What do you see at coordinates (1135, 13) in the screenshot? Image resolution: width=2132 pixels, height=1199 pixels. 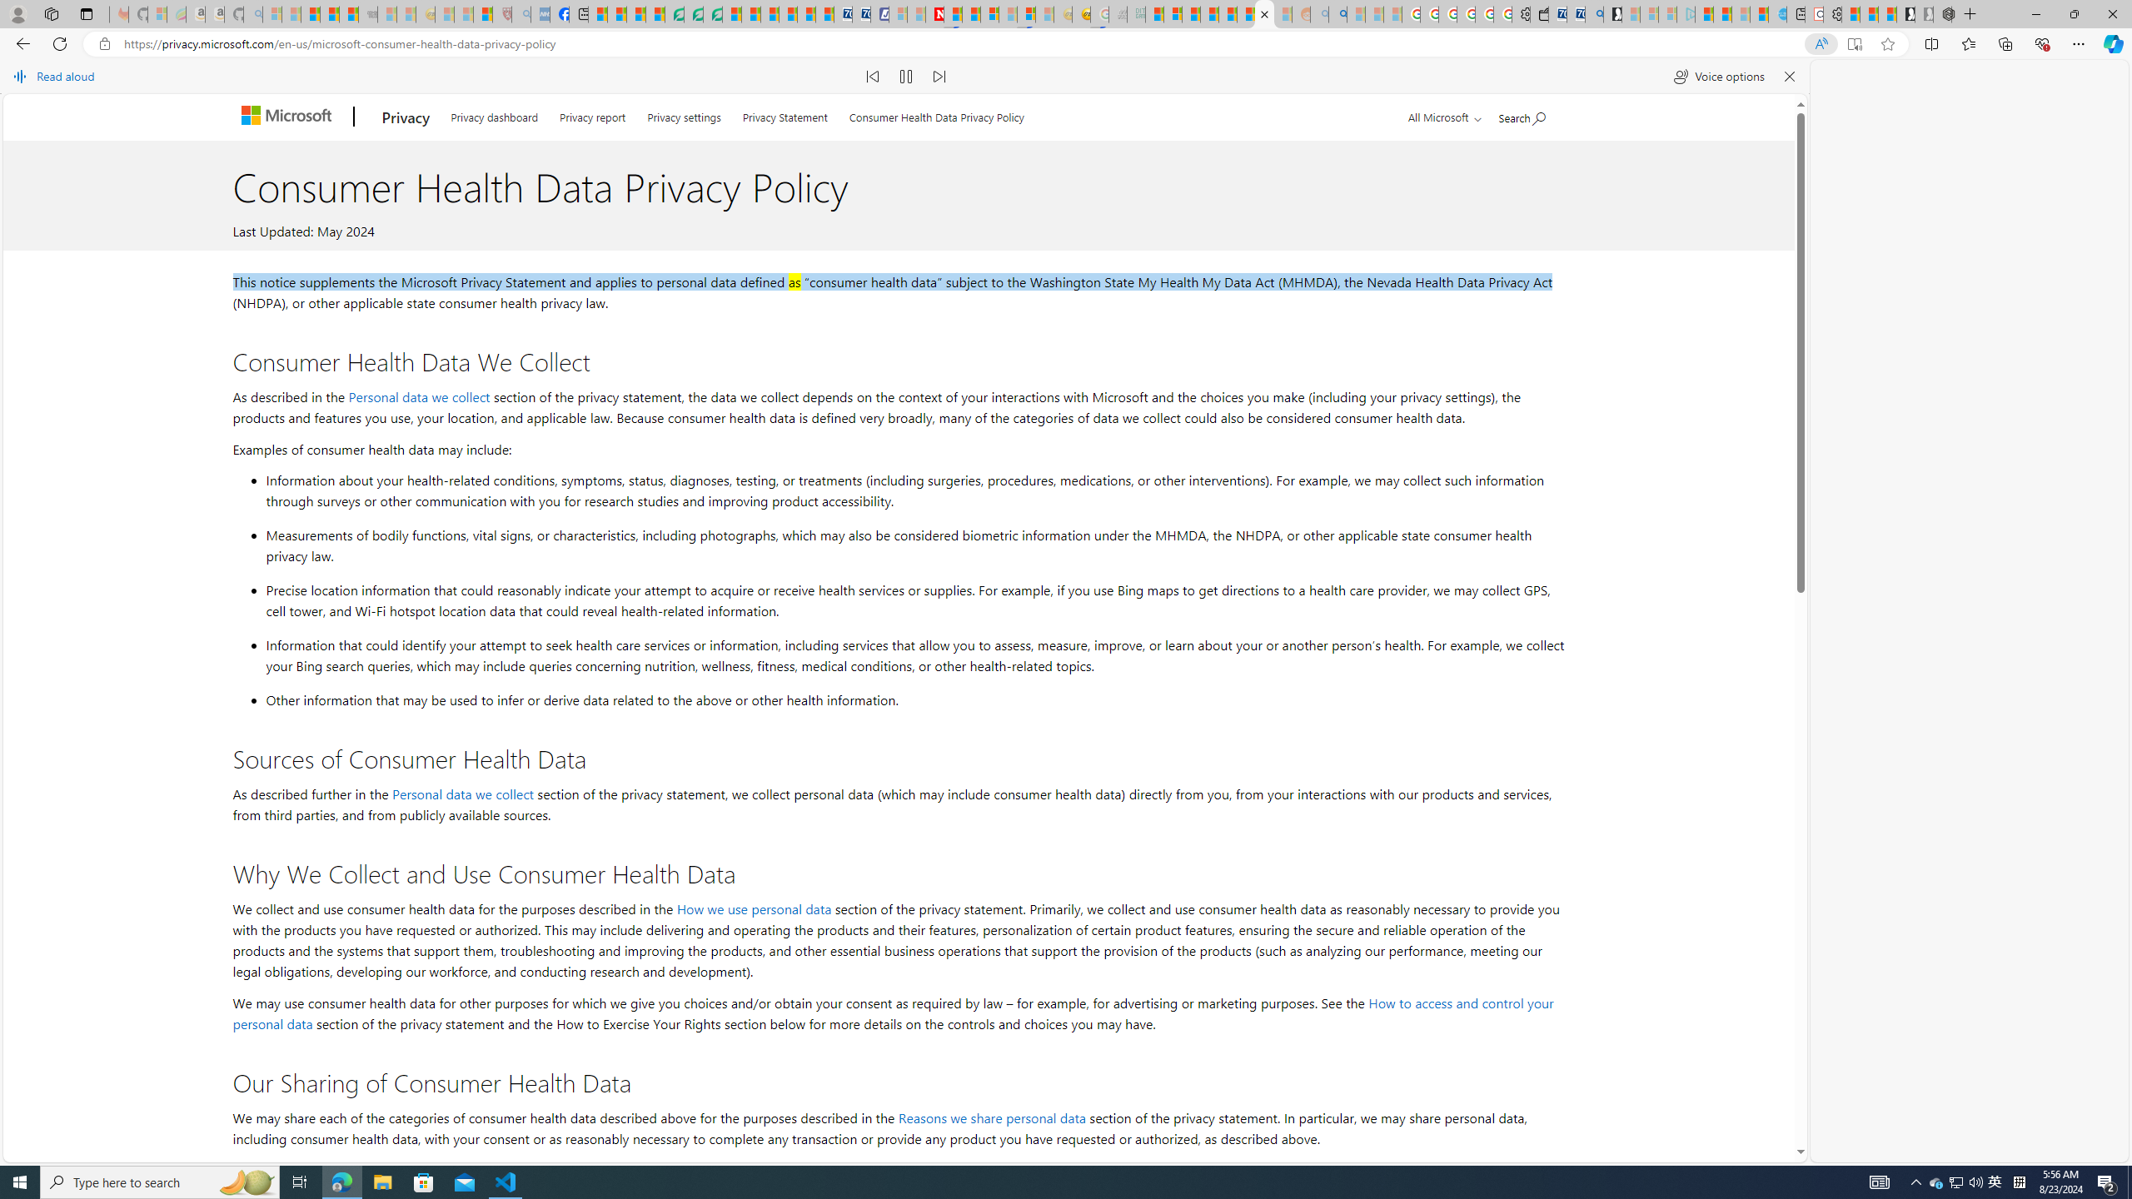 I see `'DITOGAMES AG Imprint - Sleeping'` at bounding box center [1135, 13].